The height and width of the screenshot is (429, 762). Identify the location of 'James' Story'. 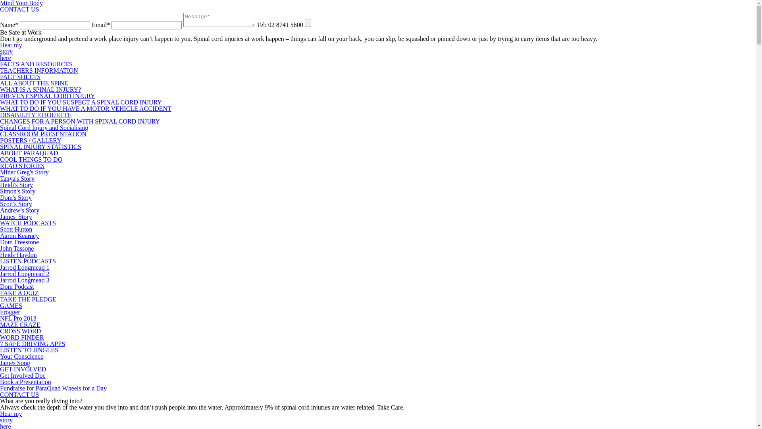
(16, 216).